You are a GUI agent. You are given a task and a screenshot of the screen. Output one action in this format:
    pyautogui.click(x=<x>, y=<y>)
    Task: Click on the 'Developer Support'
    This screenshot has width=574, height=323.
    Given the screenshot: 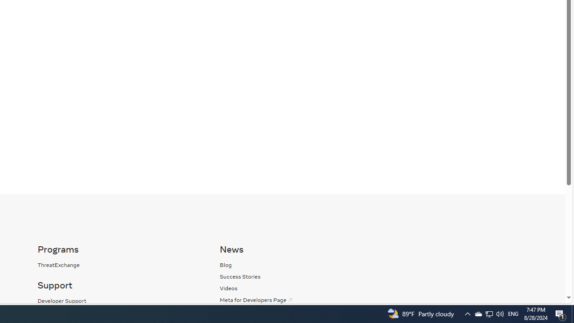 What is the action you would take?
    pyautogui.click(x=61, y=301)
    